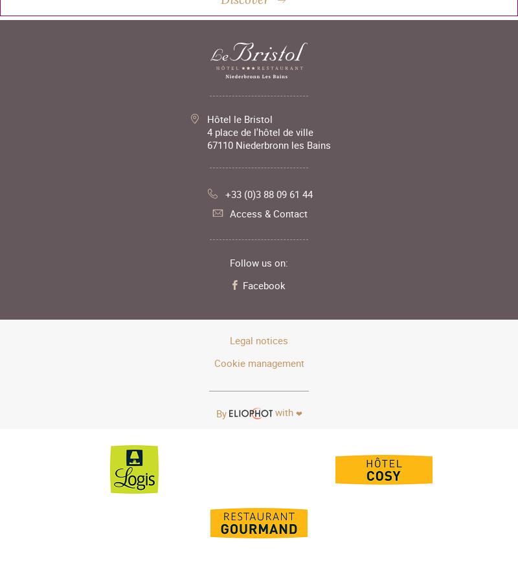 Image resolution: width=518 pixels, height=583 pixels. What do you see at coordinates (272, 412) in the screenshot?
I see `'with'` at bounding box center [272, 412].